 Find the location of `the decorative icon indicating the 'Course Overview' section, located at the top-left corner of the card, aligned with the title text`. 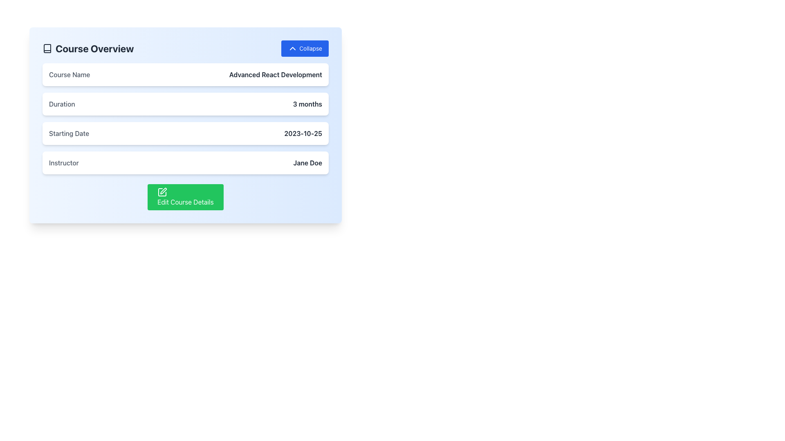

the decorative icon indicating the 'Course Overview' section, located at the top-left corner of the card, aligned with the title text is located at coordinates (47, 49).